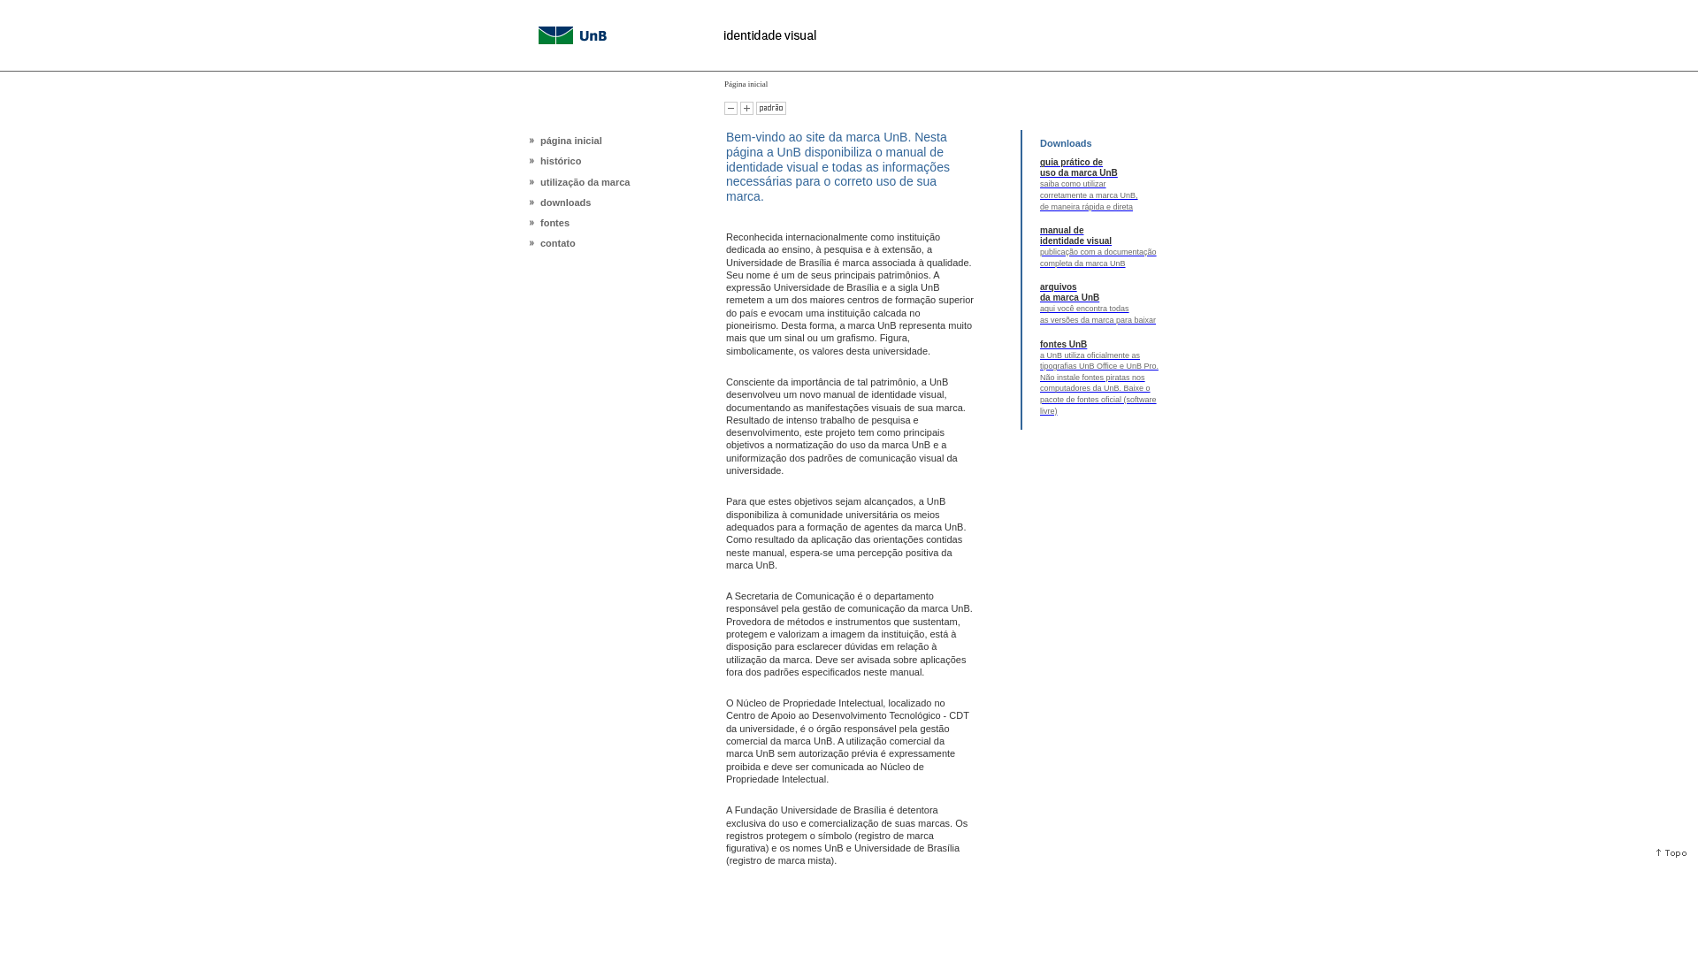 The height and width of the screenshot is (955, 1698). I want to click on 'downloads', so click(564, 201).